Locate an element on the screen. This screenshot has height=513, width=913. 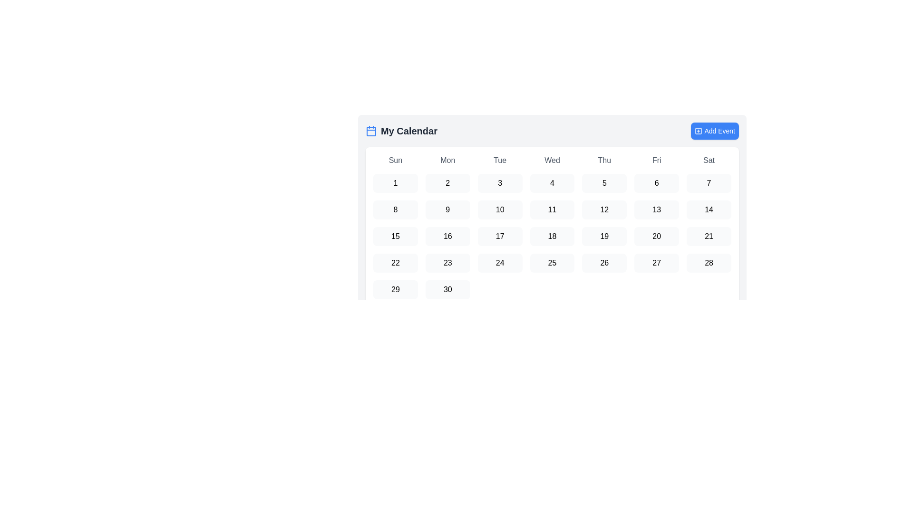
the grey box with rounded corners containing the number '22' is located at coordinates (395, 263).